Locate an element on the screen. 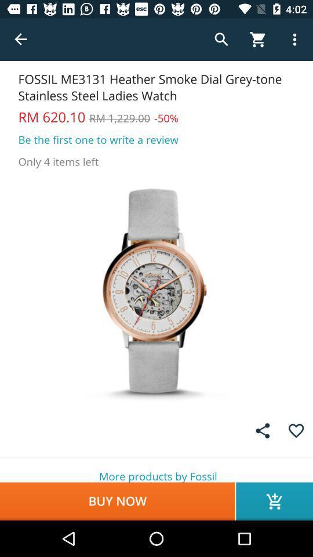 The width and height of the screenshot is (313, 557). icon below more products by item is located at coordinates (117, 501).